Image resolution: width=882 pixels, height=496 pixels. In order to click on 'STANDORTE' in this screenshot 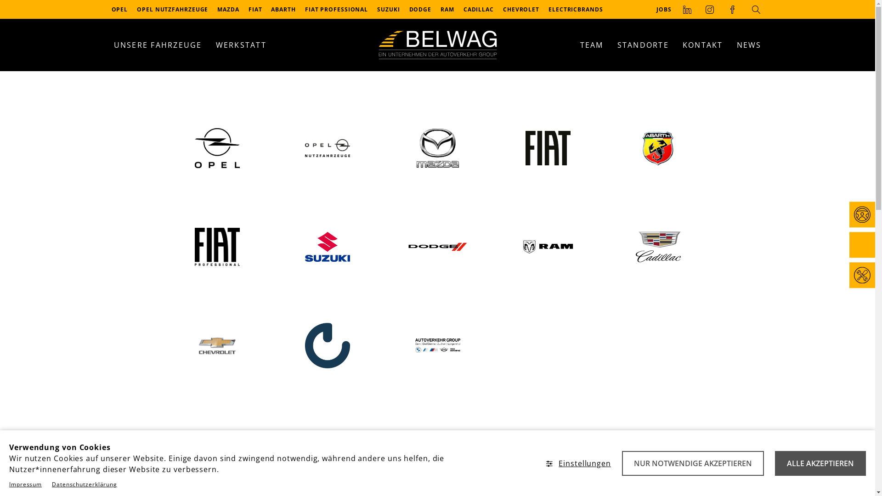, I will do `click(642, 45)`.